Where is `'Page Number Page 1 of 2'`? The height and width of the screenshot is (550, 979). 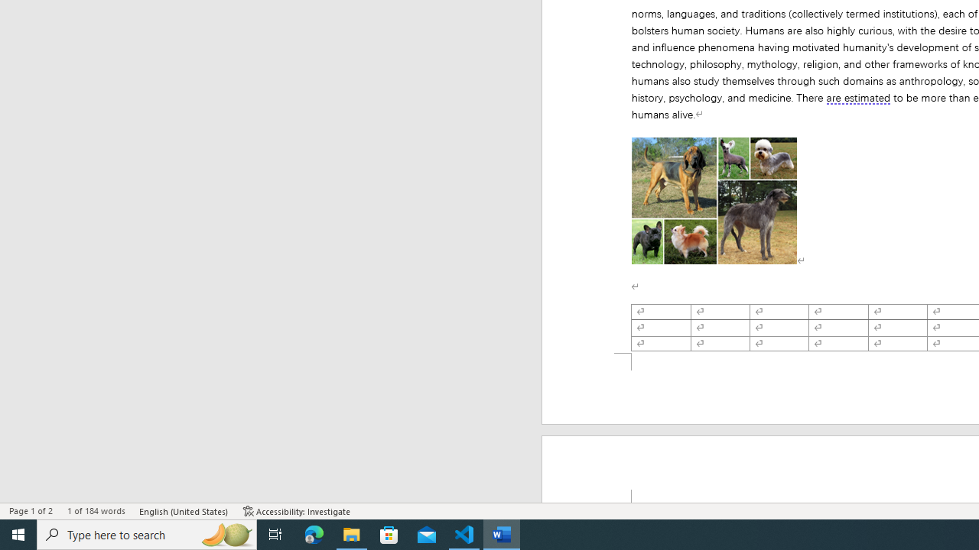
'Page Number Page 1 of 2' is located at coordinates (31, 511).